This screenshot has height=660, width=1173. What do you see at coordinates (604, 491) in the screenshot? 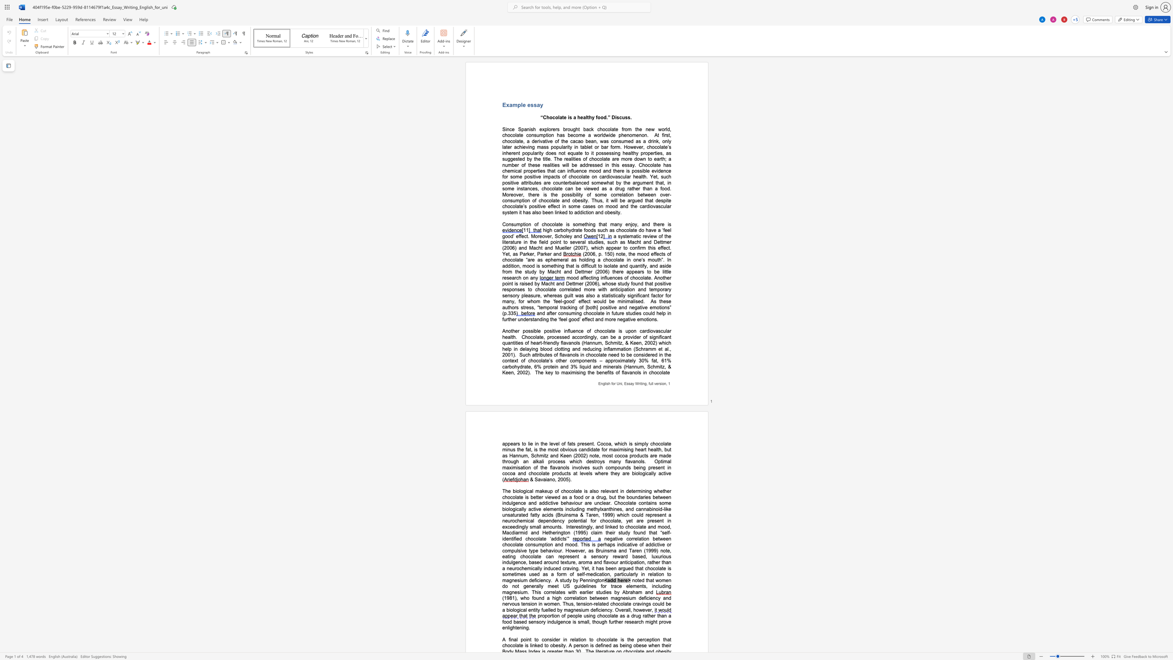
I see `the space between the continuous character "e" and "l" in the text` at bounding box center [604, 491].